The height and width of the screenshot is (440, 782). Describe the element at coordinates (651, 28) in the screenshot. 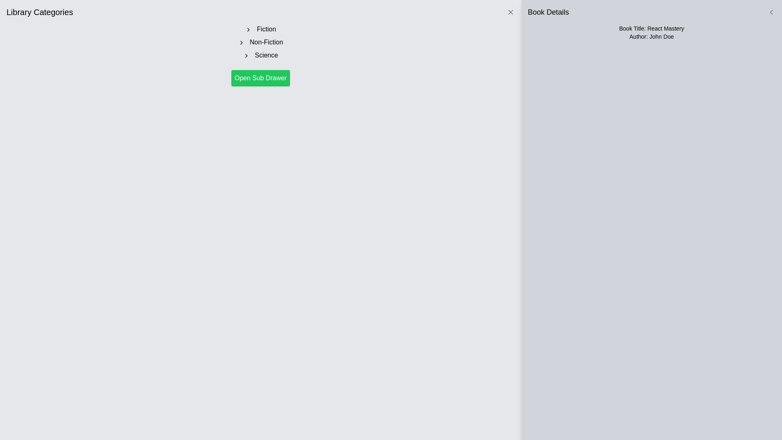

I see `the label displaying the title of the book located in the right-hand panel under the 'Book Details' heading, positioned above the 'Author: John Doe' text` at that location.